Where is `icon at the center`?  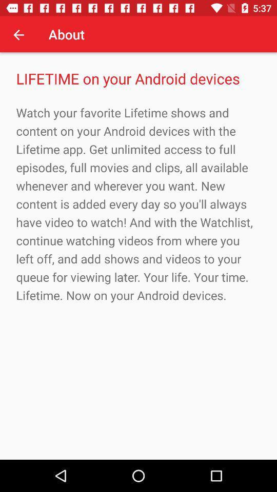
icon at the center is located at coordinates (138, 203).